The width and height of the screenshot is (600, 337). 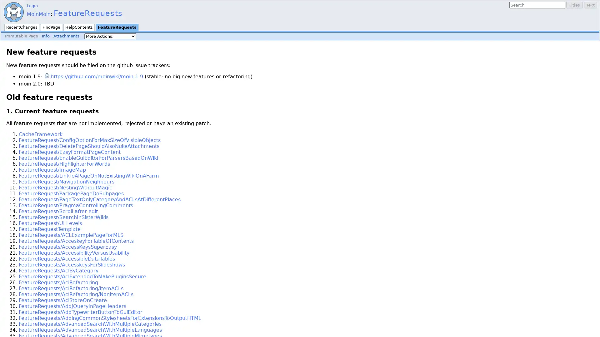 I want to click on Text, so click(x=590, y=5).